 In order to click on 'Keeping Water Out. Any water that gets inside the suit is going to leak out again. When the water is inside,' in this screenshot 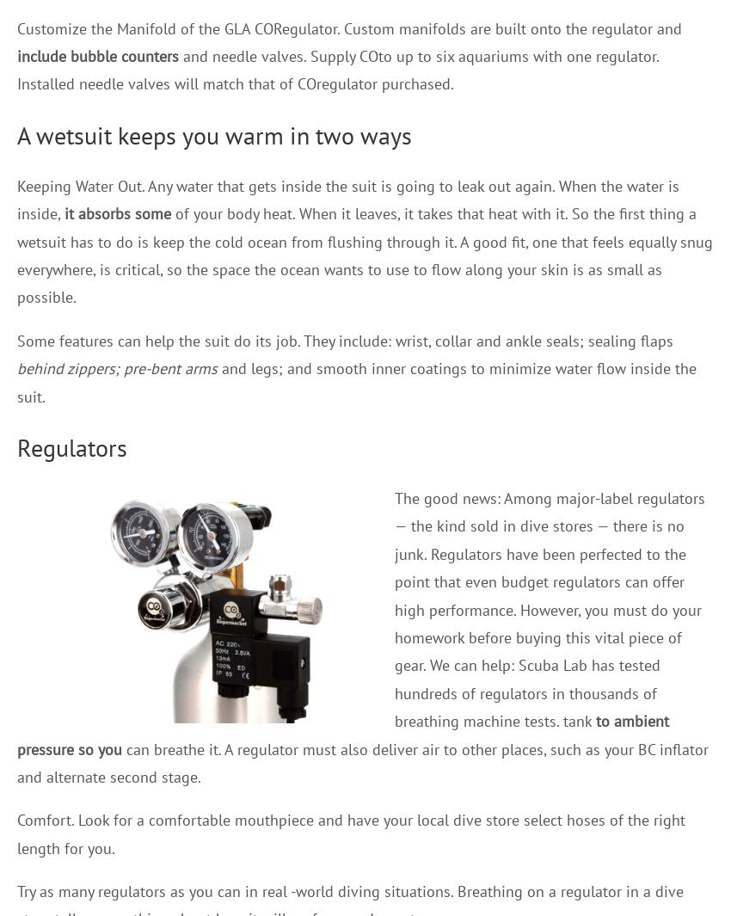, I will do `click(348, 198)`.